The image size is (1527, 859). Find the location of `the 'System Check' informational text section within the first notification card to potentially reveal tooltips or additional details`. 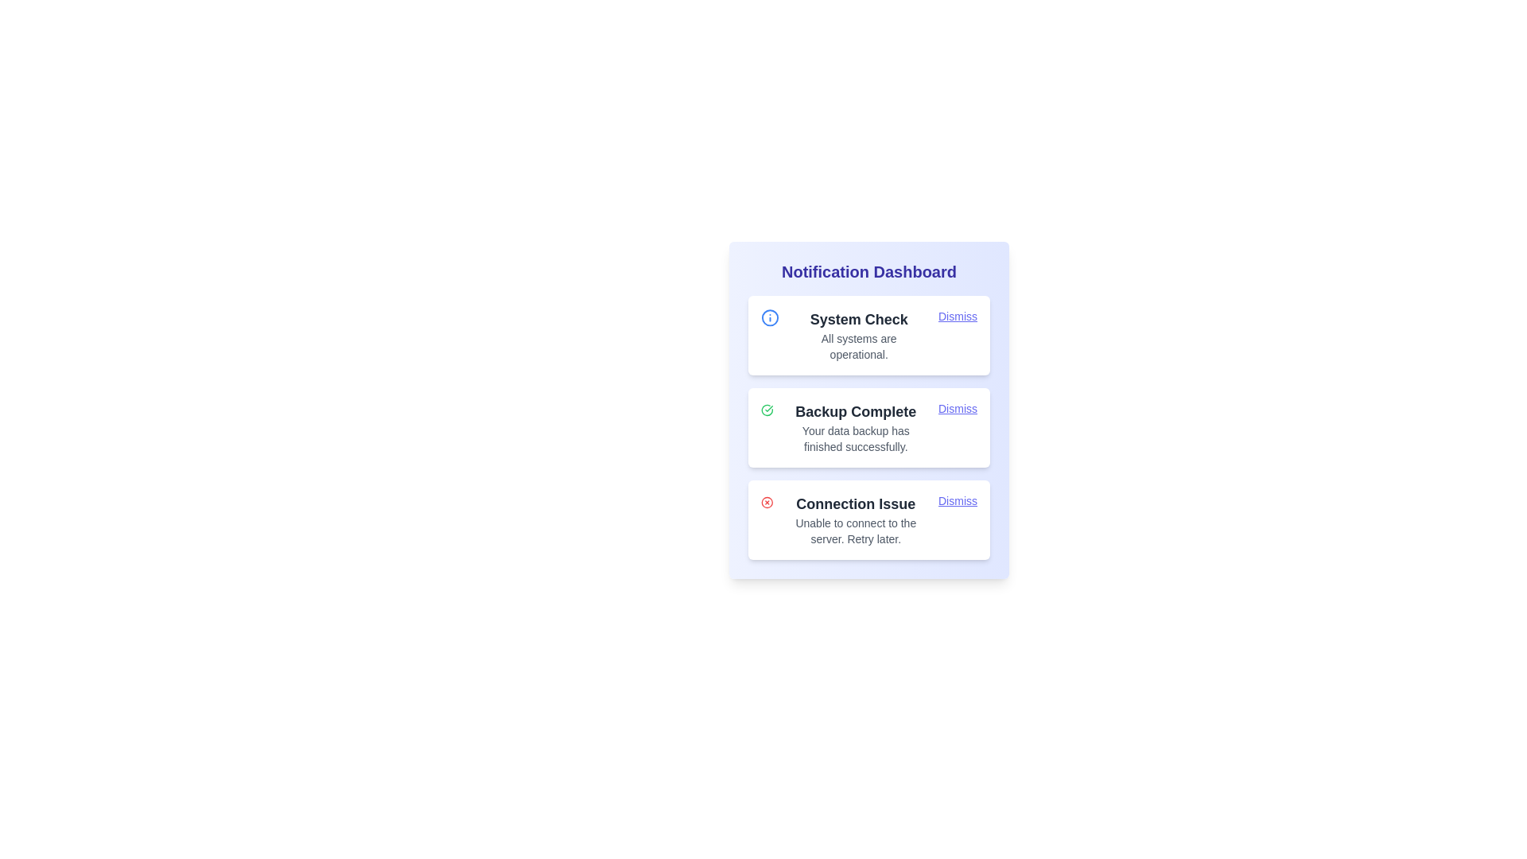

the 'System Check' informational text section within the first notification card to potentially reveal tooltips or additional details is located at coordinates (858, 334).